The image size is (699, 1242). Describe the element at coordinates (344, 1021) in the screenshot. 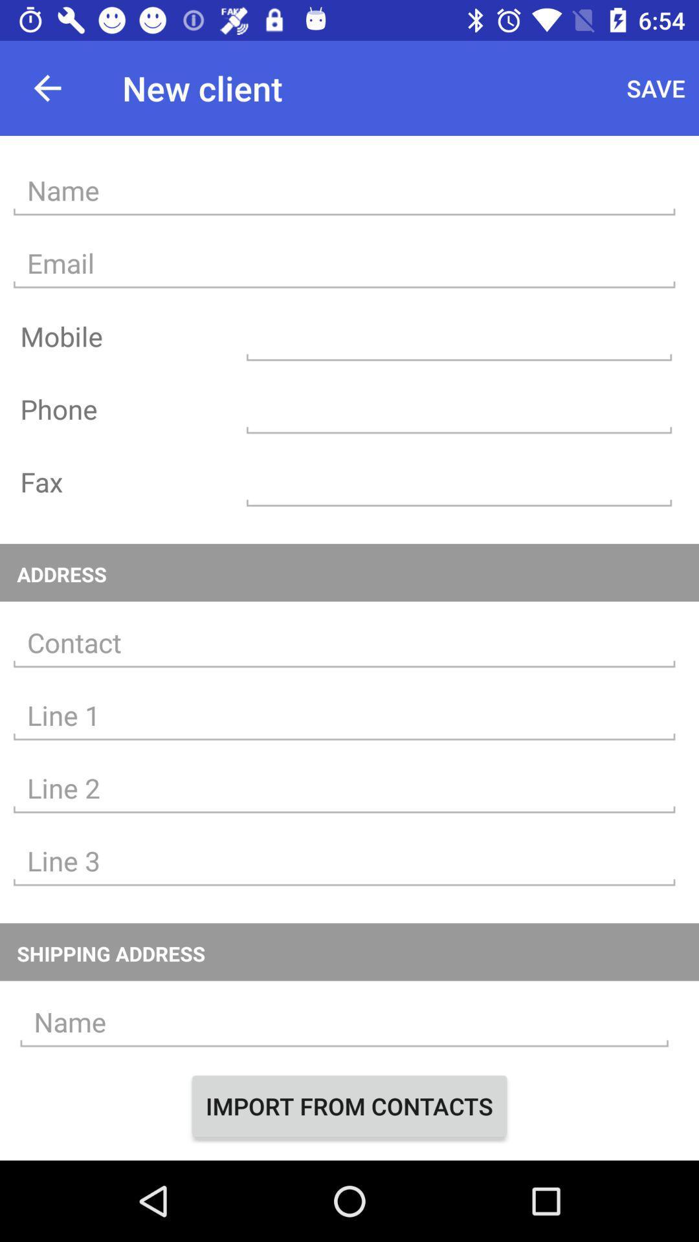

I see `text` at that location.